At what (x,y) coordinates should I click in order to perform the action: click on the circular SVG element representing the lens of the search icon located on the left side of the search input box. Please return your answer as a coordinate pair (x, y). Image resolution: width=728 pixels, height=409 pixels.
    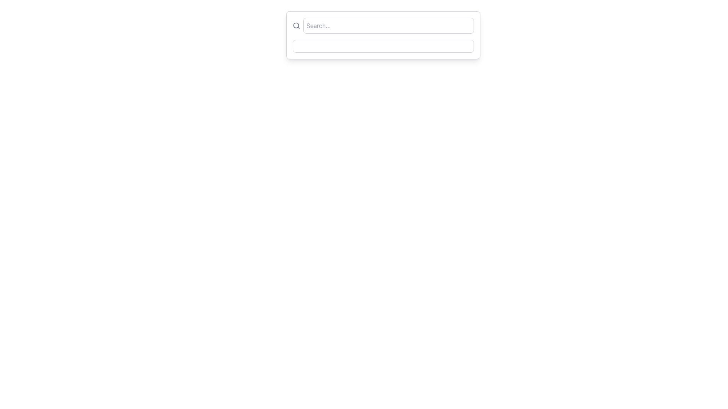
    Looking at the image, I should click on (295, 25).